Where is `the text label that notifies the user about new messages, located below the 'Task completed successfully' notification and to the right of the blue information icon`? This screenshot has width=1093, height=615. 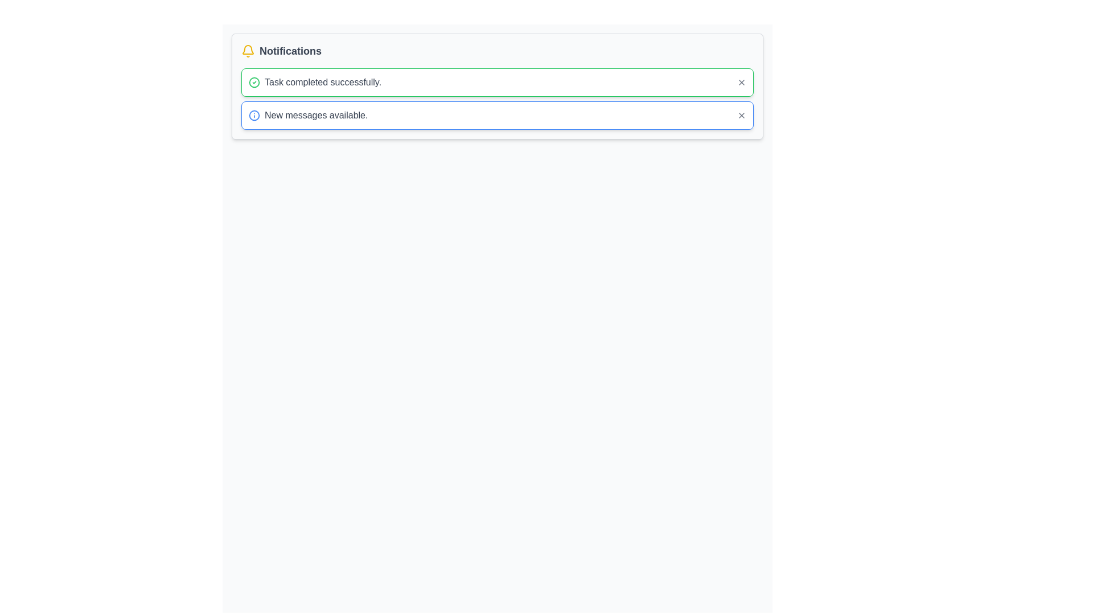 the text label that notifies the user about new messages, located below the 'Task completed successfully' notification and to the right of the blue information icon is located at coordinates (316, 116).